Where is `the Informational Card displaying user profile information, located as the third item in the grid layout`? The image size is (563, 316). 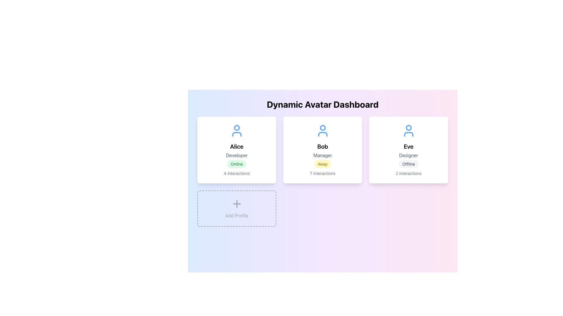 the Informational Card displaying user profile information, located as the third item in the grid layout is located at coordinates (408, 150).